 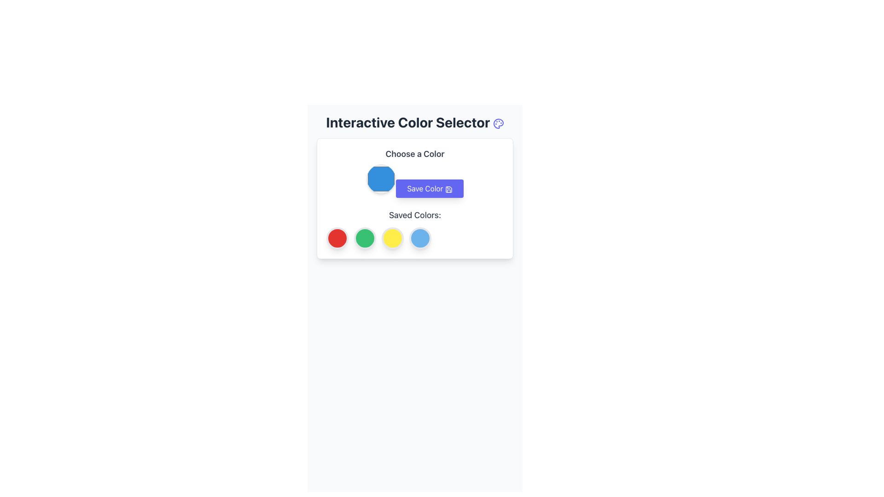 What do you see at coordinates (448, 189) in the screenshot?
I see `the save icon located to the right of the text within the 'Save Color' button in the panel` at bounding box center [448, 189].